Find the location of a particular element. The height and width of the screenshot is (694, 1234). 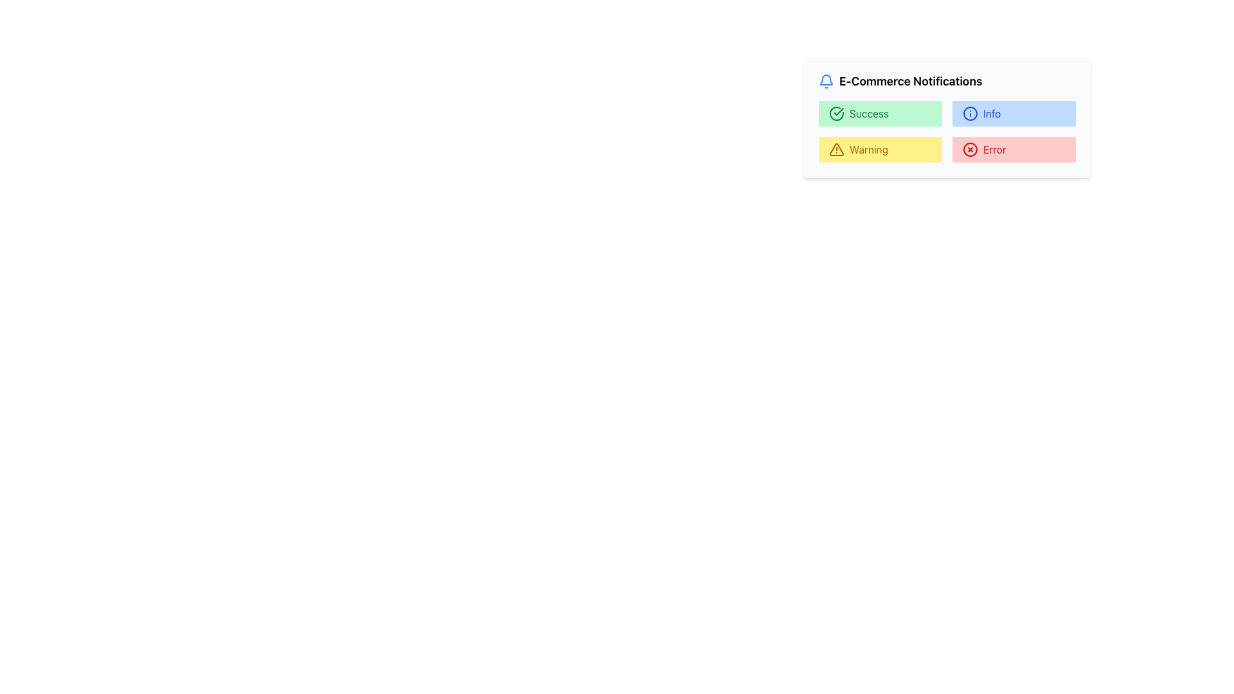

the text label displaying 'Success' in bold green lettering, located within the green notification bar to the right of the green check circle icon is located at coordinates (869, 113).